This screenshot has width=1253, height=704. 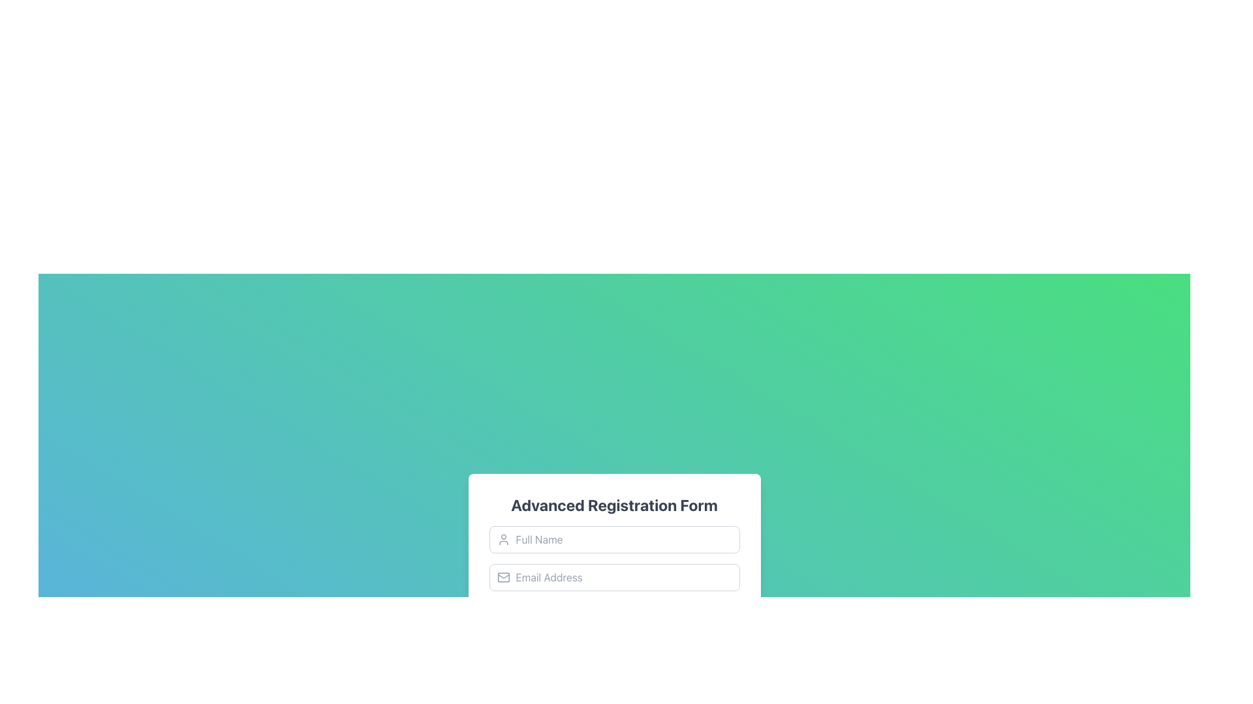 I want to click on the envelope body element of the SVG graphic icon representing email functionality, which is located inside the email input field of the form labeled 'Email Address', so click(x=503, y=577).